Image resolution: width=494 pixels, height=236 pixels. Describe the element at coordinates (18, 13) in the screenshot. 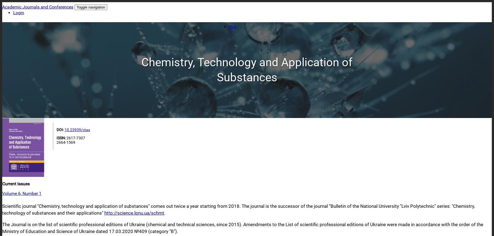

I see `'Login'` at that location.